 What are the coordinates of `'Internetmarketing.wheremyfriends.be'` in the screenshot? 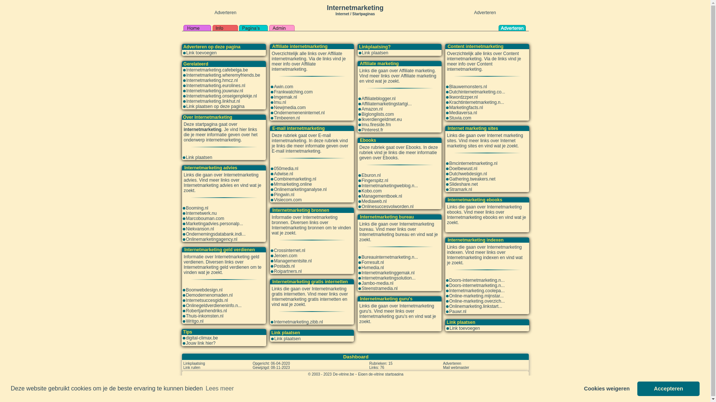 It's located at (223, 75).